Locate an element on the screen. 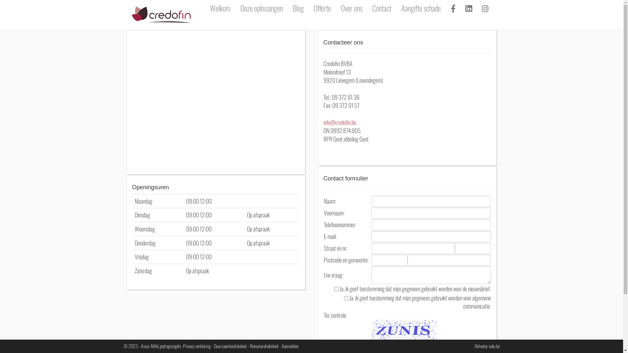 This screenshot has width=628, height=353. 'Contact' is located at coordinates (381, 8).